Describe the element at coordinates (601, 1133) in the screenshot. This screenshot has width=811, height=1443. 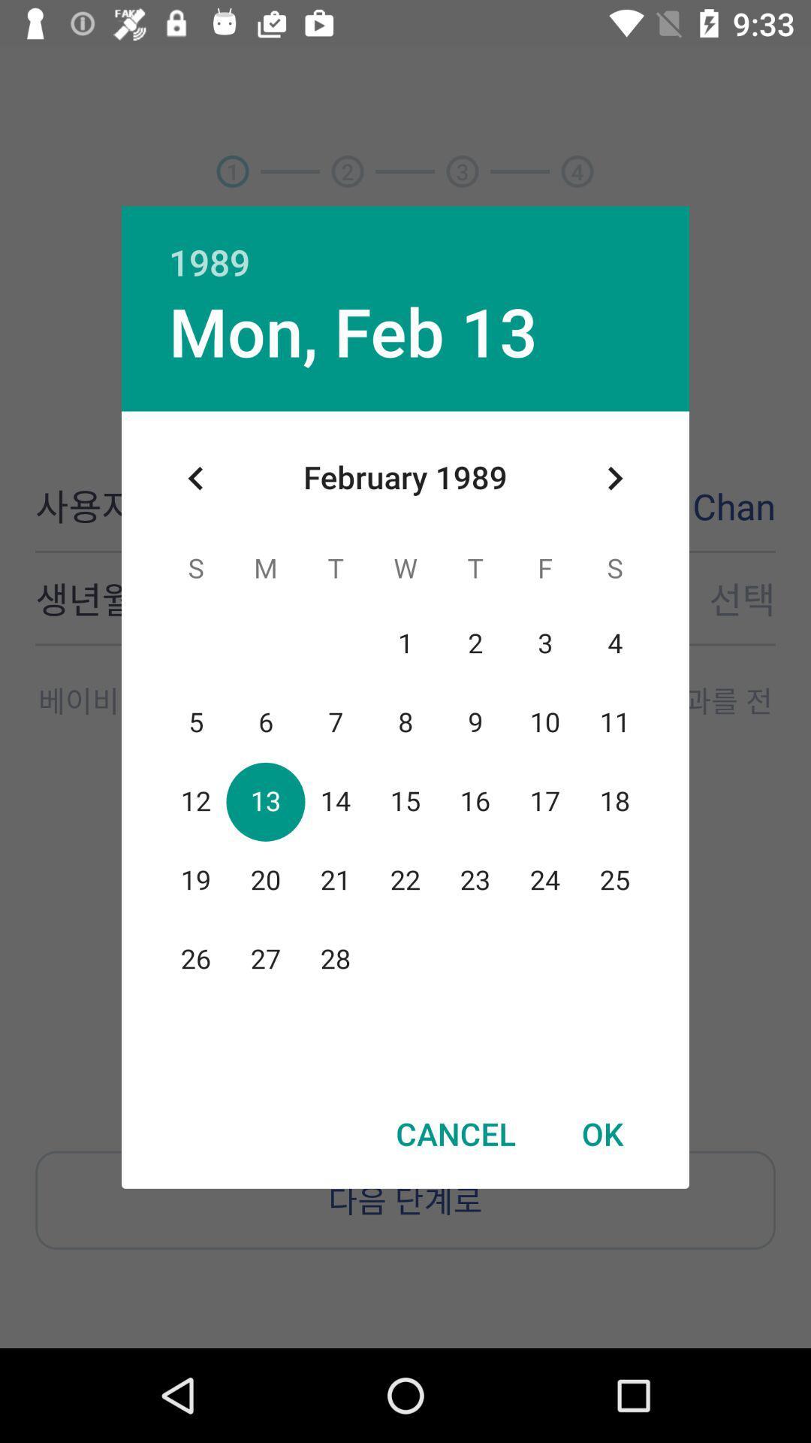
I see `the item at the bottom right corner` at that location.